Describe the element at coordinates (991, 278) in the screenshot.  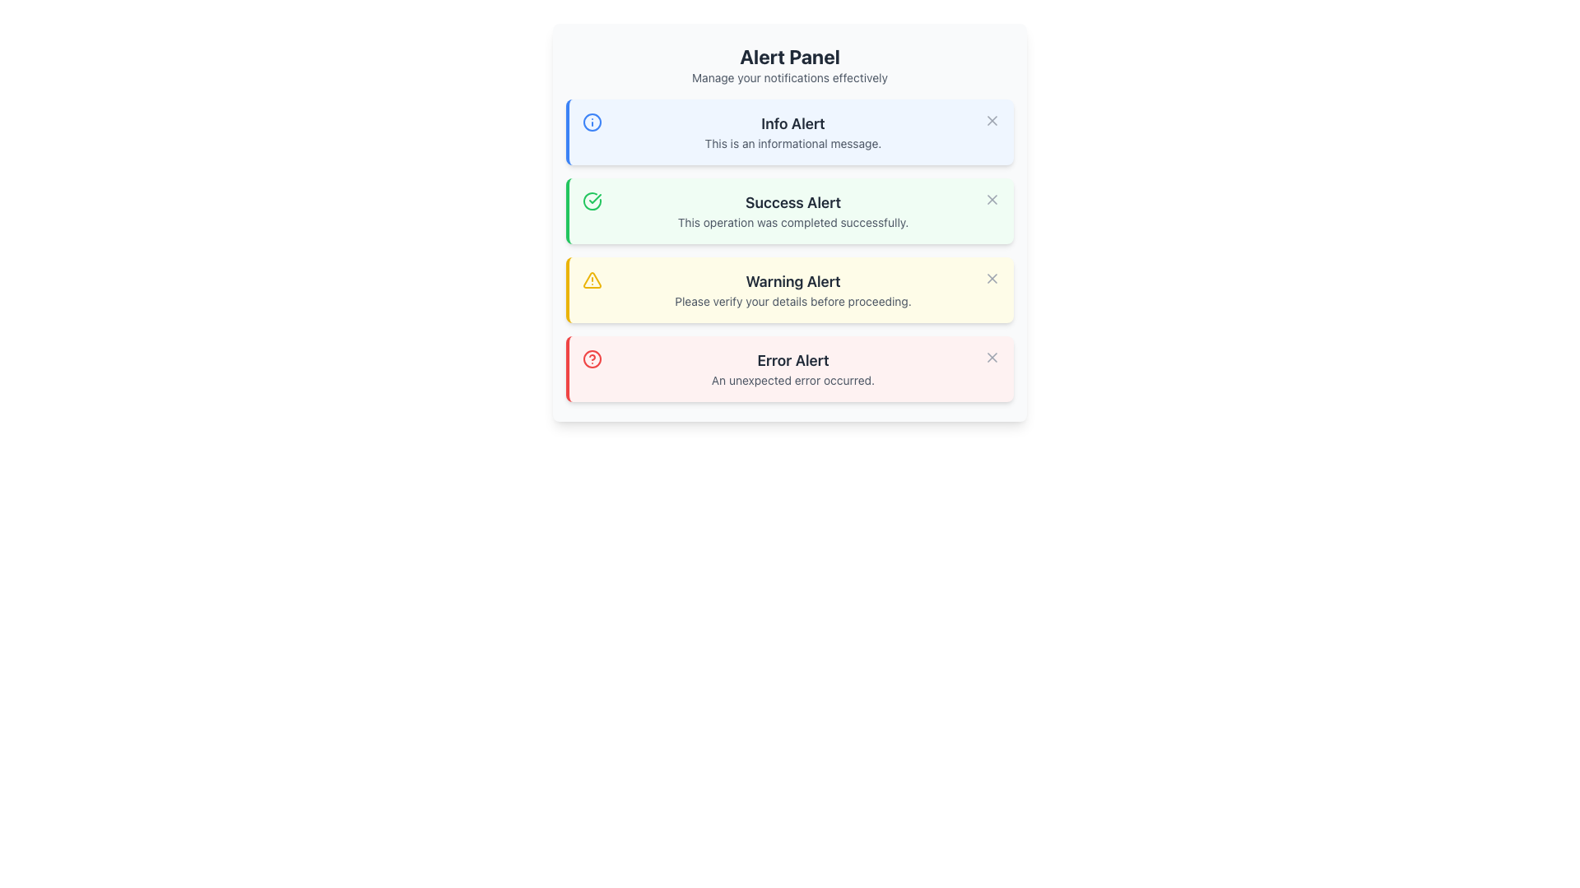
I see `the 'Close' button in the 'Warning Alert' section to change its color` at that location.